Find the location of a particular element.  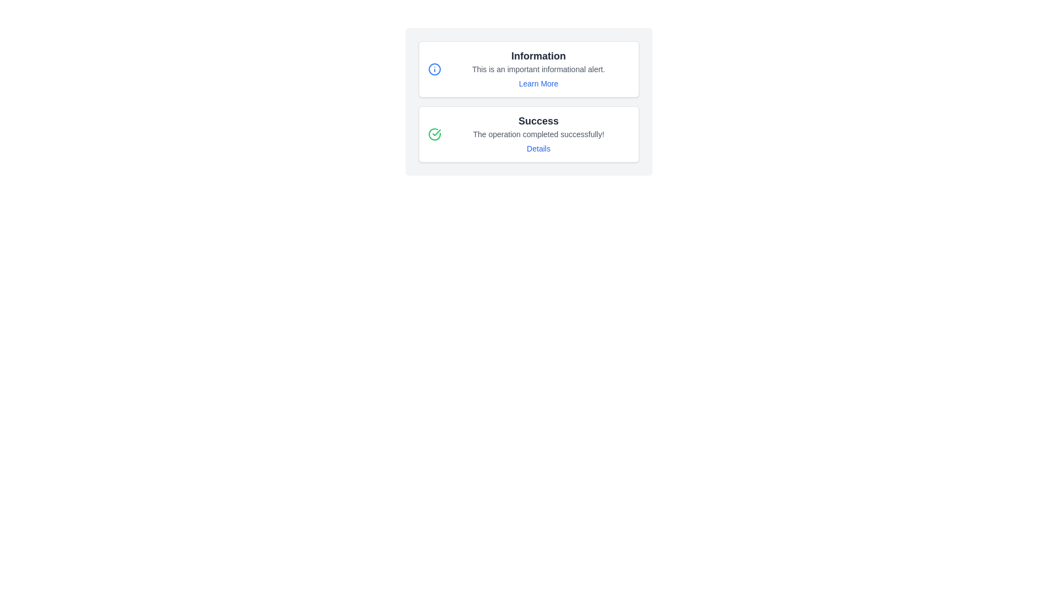

the Notification Box with a white background, rounded corners, gray border, green icon, bold title 'Success', description 'The operation completed successfully!', and blue link 'Details' is located at coordinates (528, 133).